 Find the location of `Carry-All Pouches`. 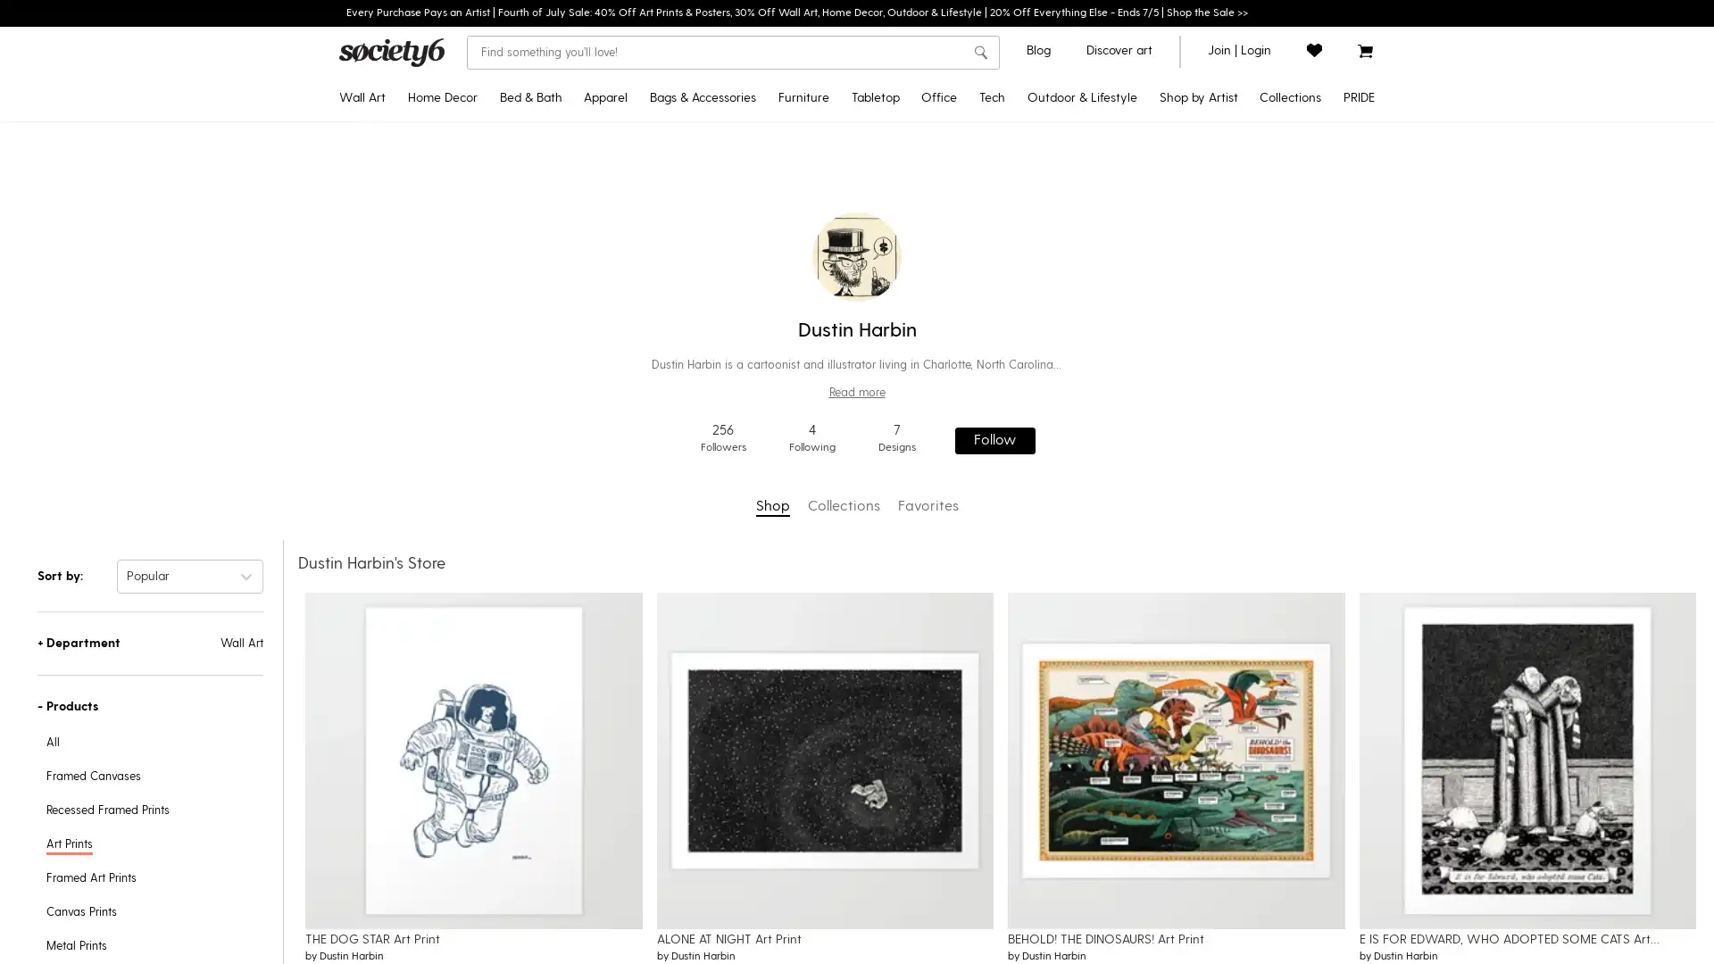

Carry-All Pouches is located at coordinates (715, 171).